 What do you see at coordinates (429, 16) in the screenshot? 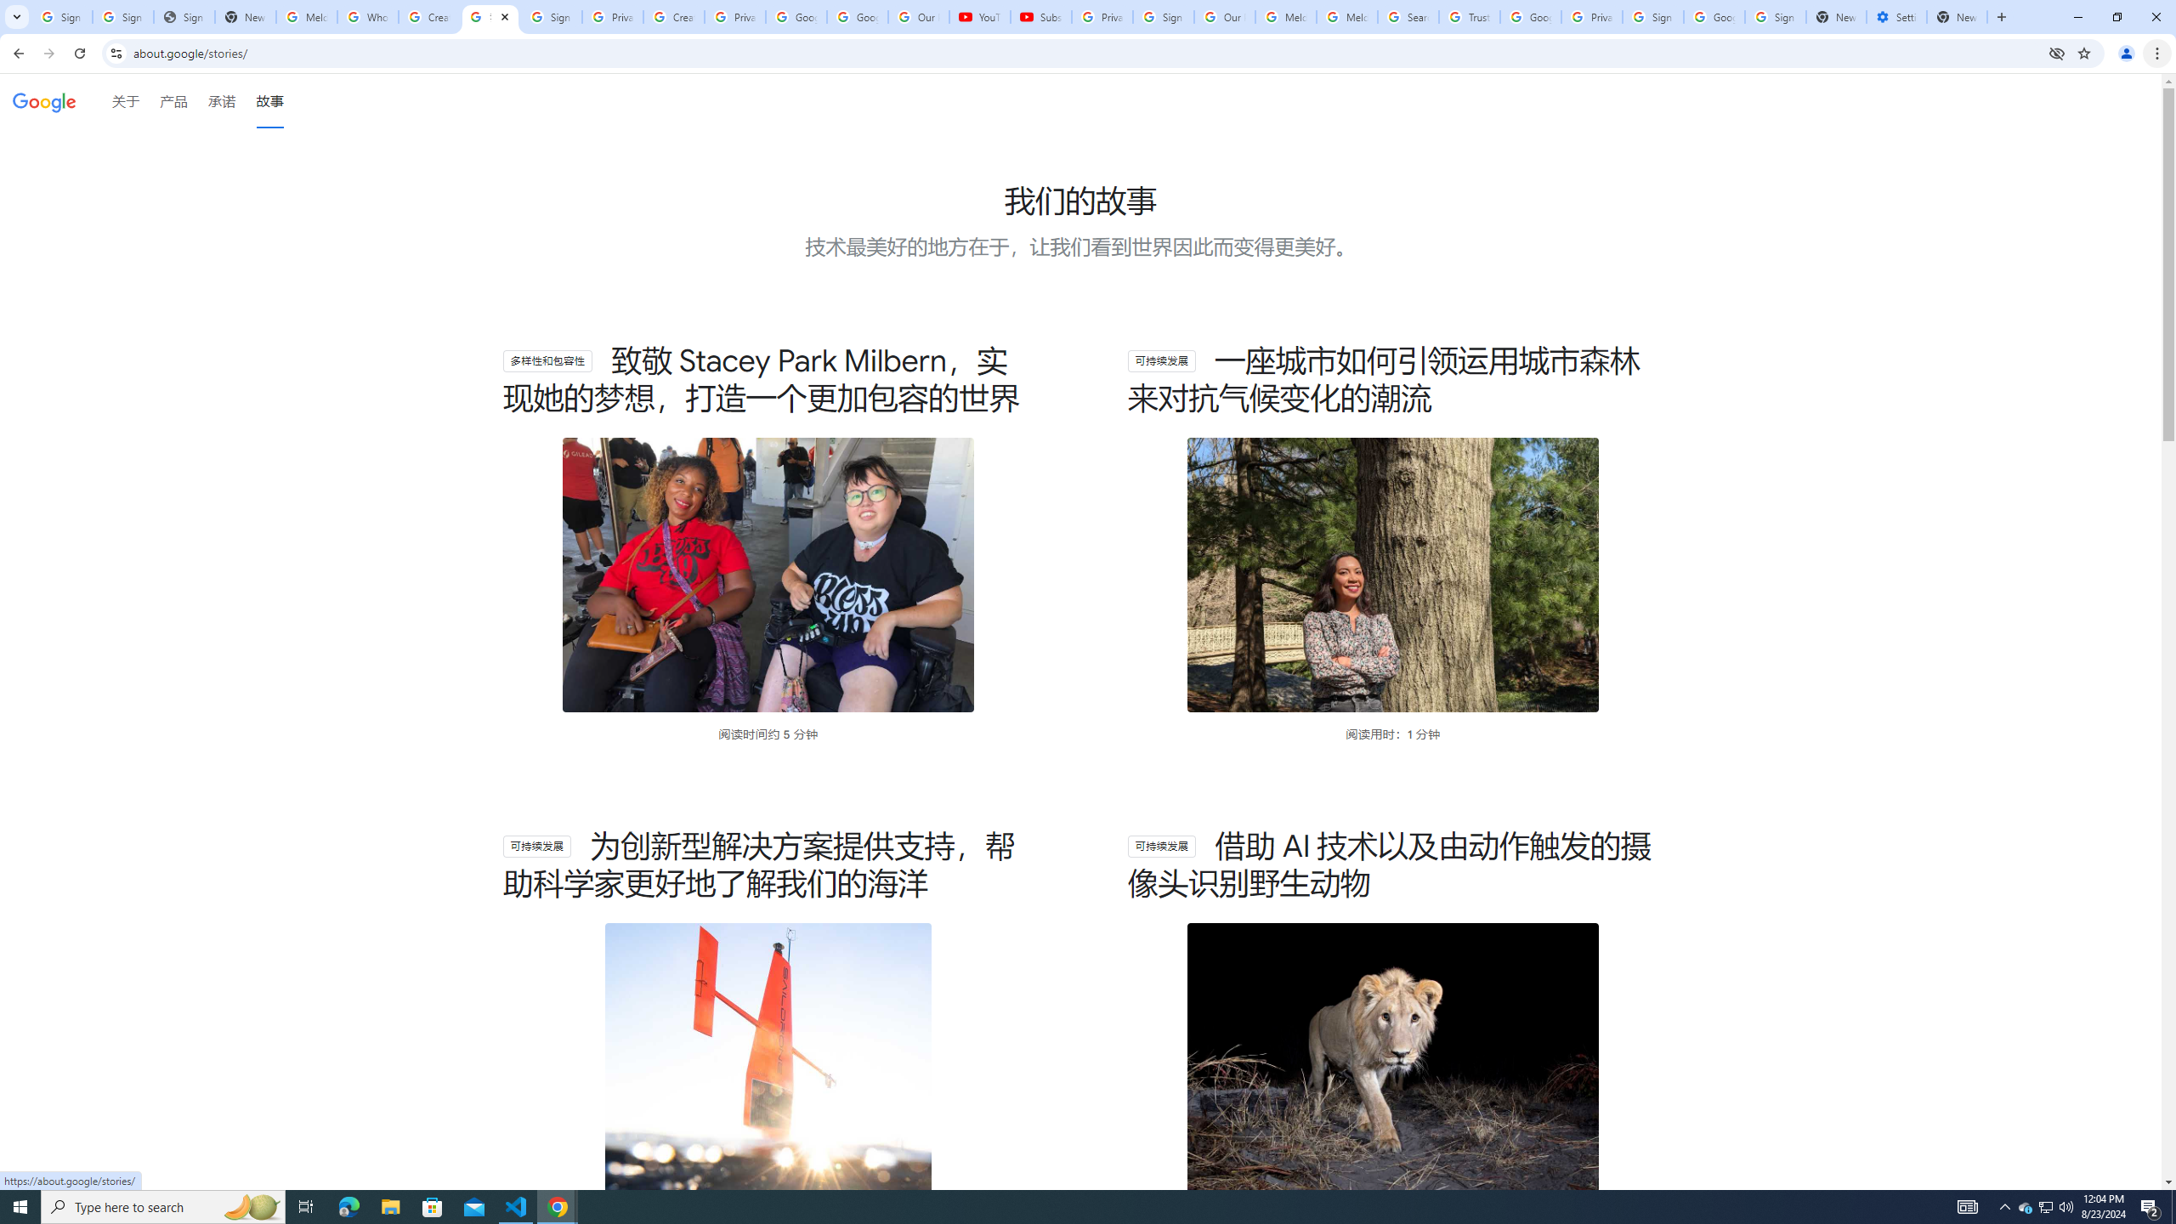
I see `'Create your Google Account'` at bounding box center [429, 16].